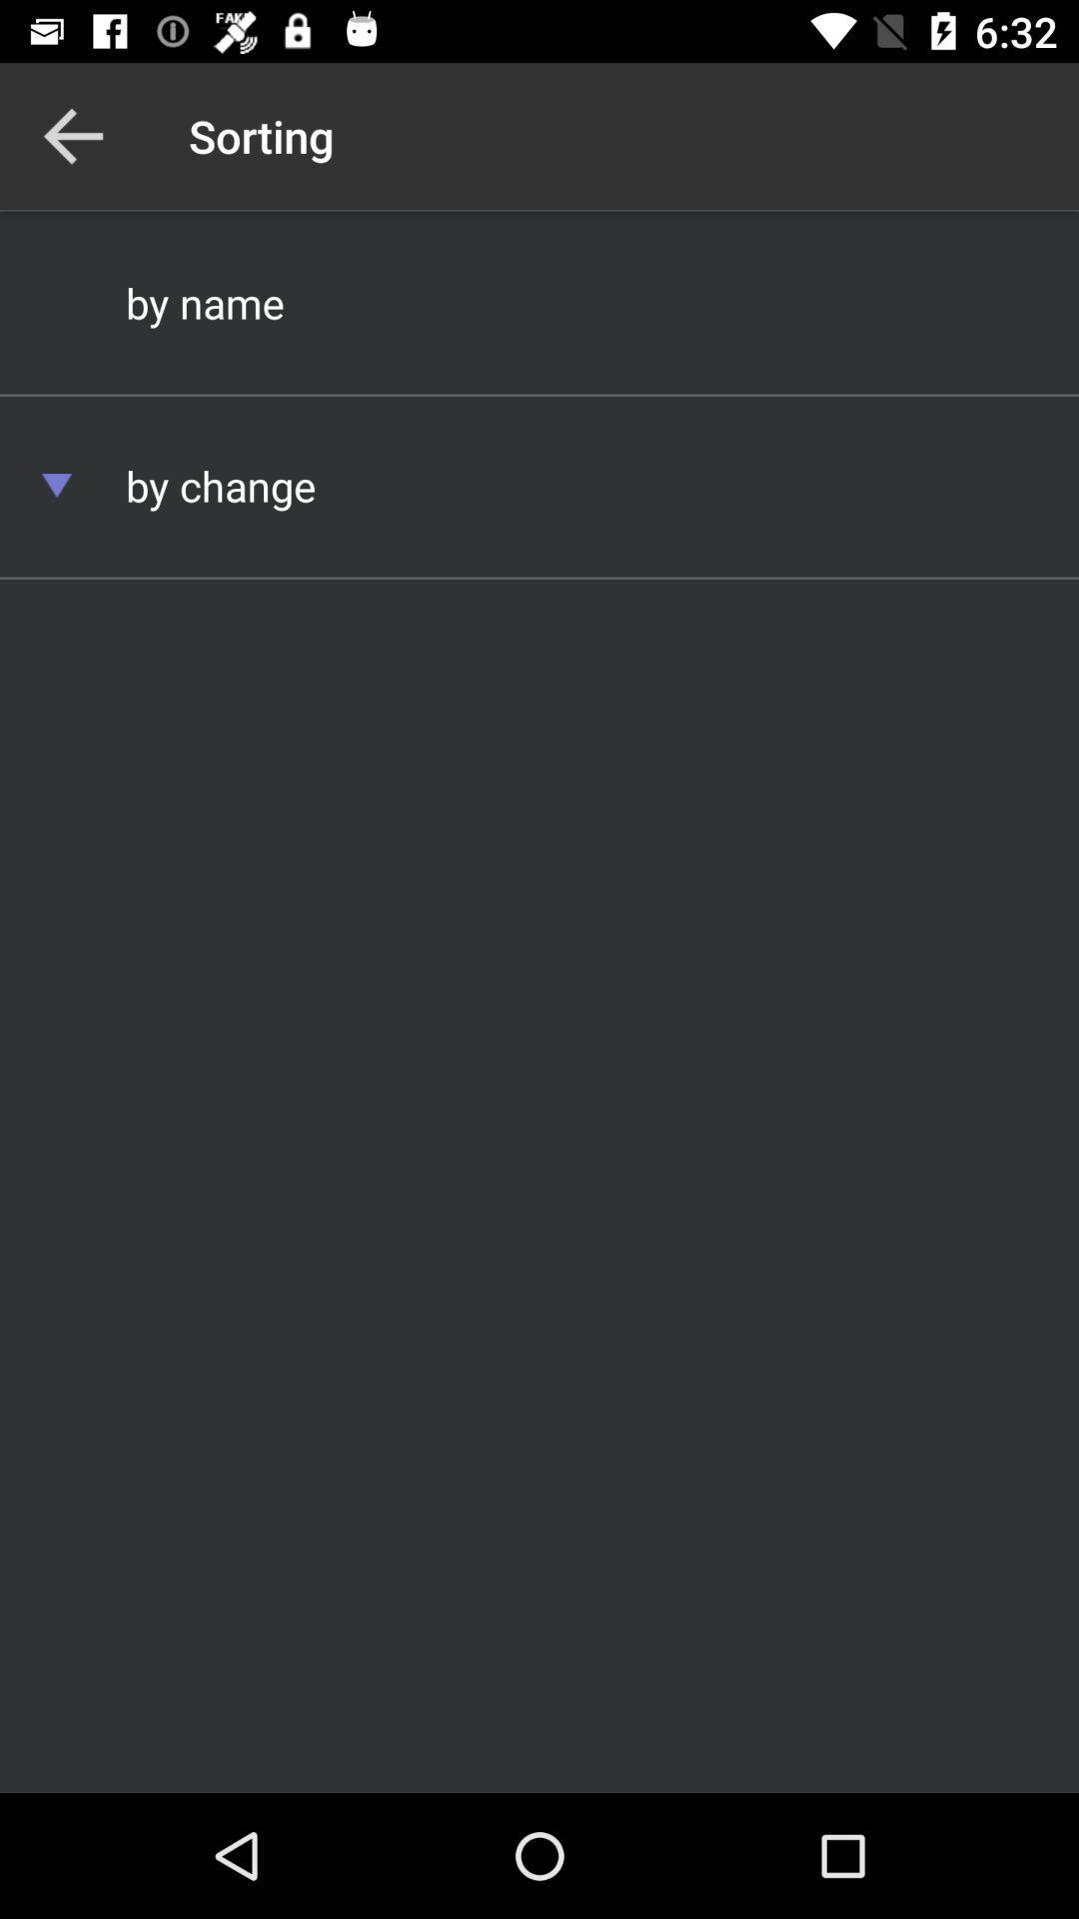  I want to click on by change icon, so click(539, 485).